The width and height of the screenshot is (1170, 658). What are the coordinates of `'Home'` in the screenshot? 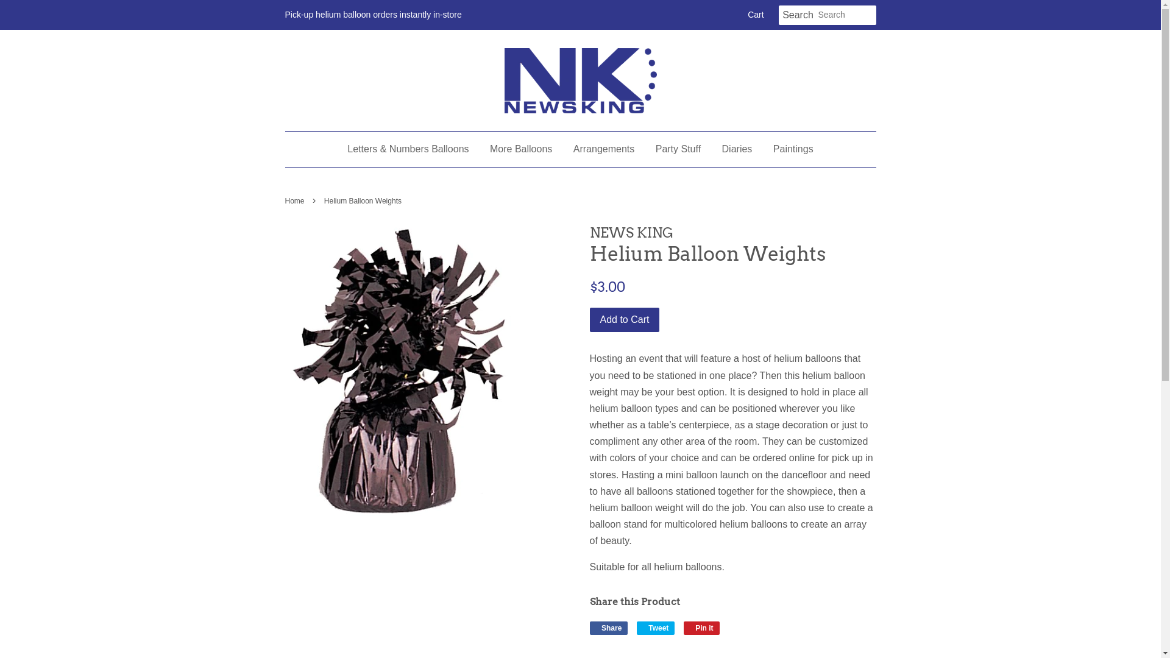 It's located at (296, 200).